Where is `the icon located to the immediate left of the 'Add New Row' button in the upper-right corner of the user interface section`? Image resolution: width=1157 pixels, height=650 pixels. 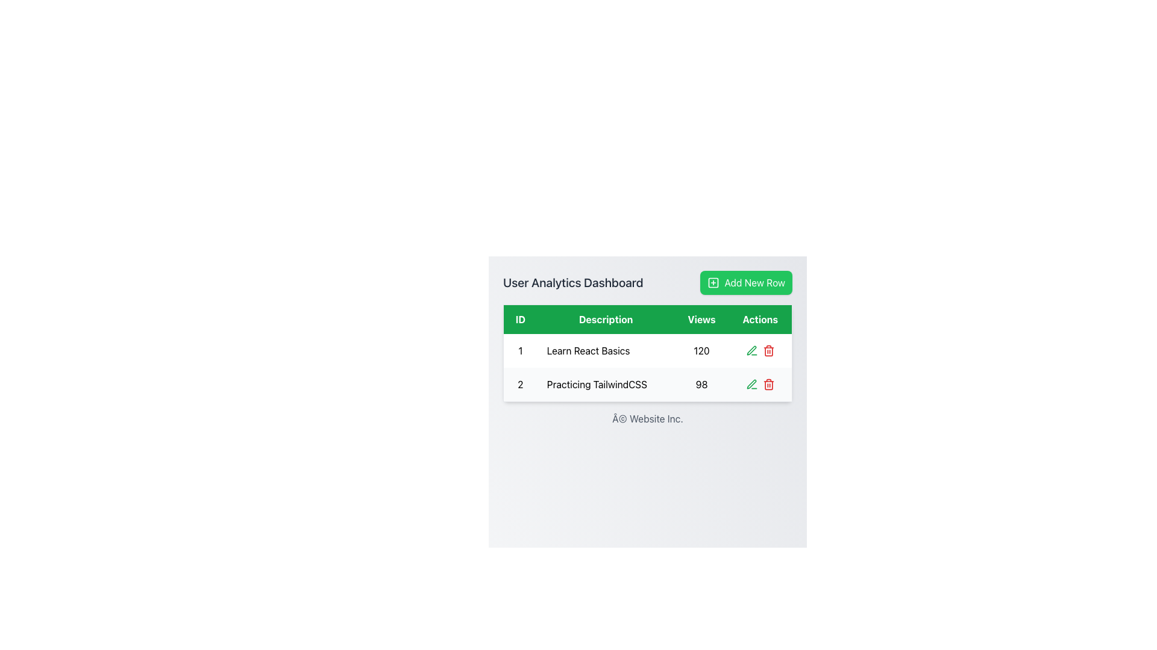 the icon located to the immediate left of the 'Add New Row' button in the upper-right corner of the user interface section is located at coordinates (713, 283).